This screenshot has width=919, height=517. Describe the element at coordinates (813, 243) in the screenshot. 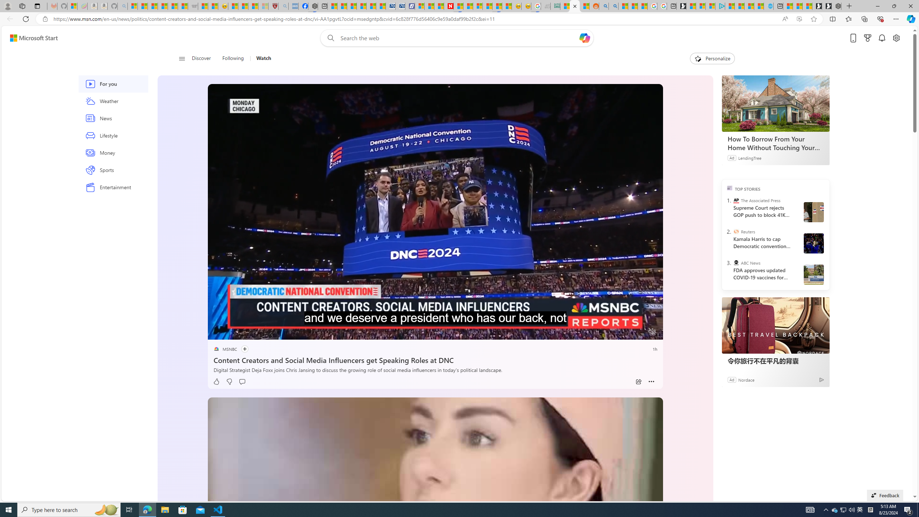

I see `' Harris and Walz campaign in Wisconsin'` at that location.